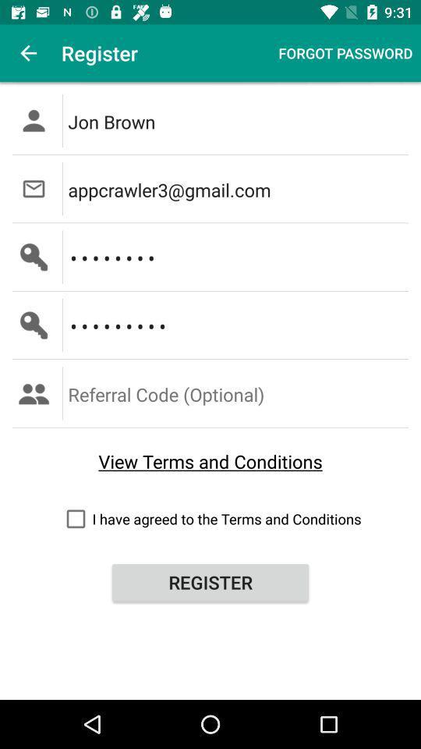 The image size is (421, 749). I want to click on crowd316 item, so click(239, 257).